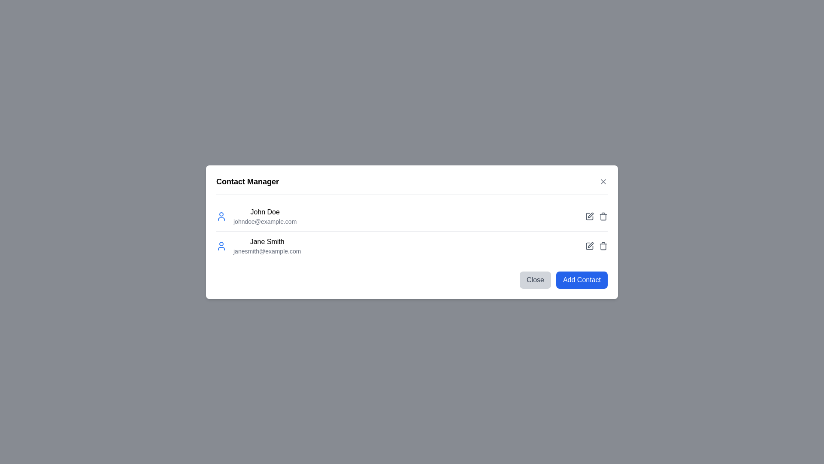 The image size is (824, 464). I want to click on the icon button resembling a pen or pencil located on the right side of the second row in the contact list, so click(590, 245).